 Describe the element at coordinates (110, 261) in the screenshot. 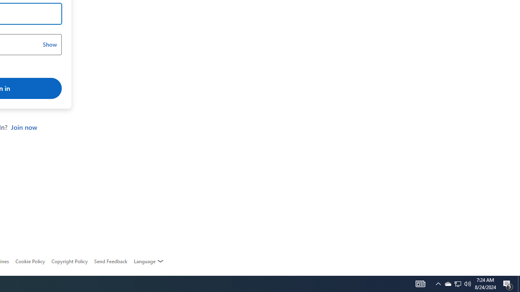

I see `'Send Feedback'` at that location.